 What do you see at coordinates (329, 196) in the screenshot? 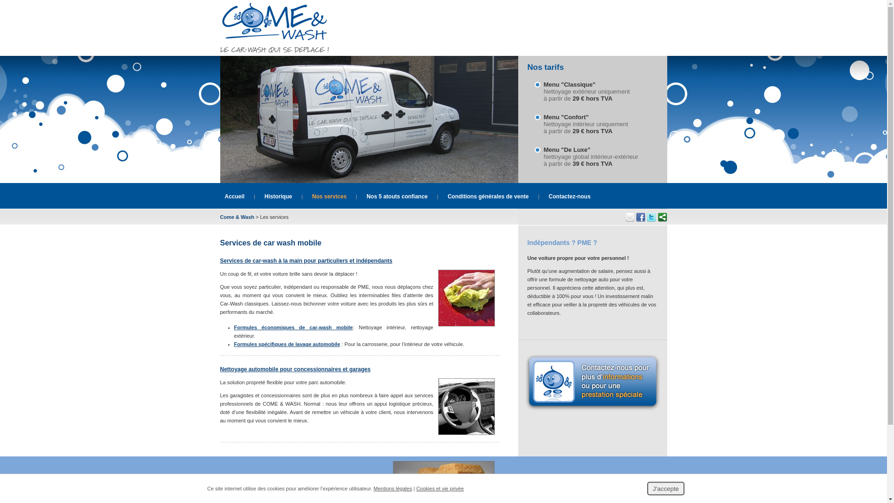
I see `'Nos services'` at bounding box center [329, 196].